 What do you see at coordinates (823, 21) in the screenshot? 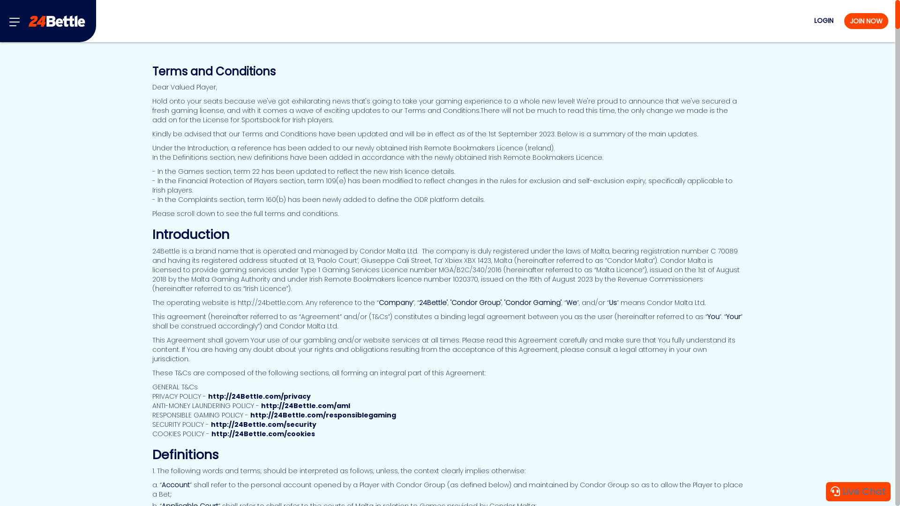
I see `'LOGIN'` at bounding box center [823, 21].